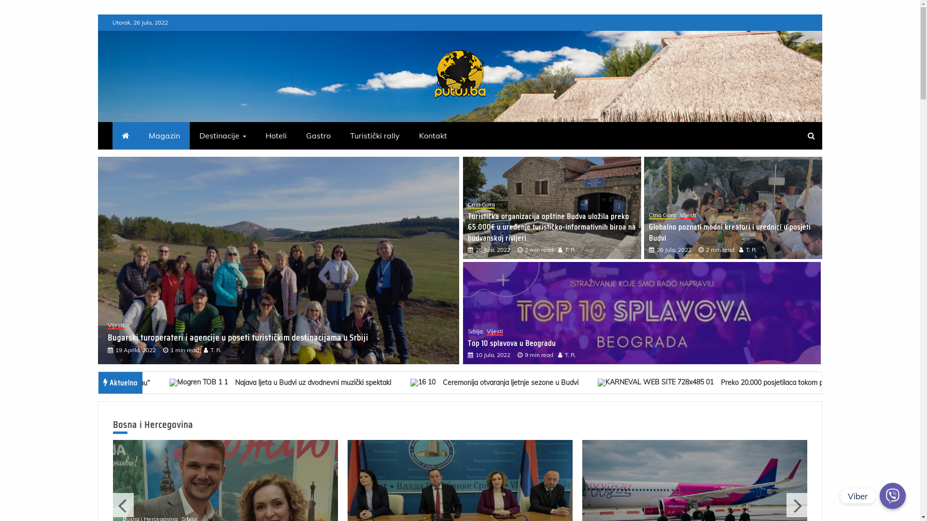 This screenshot has width=927, height=521. Describe the element at coordinates (796, 504) in the screenshot. I see `'Next'` at that location.